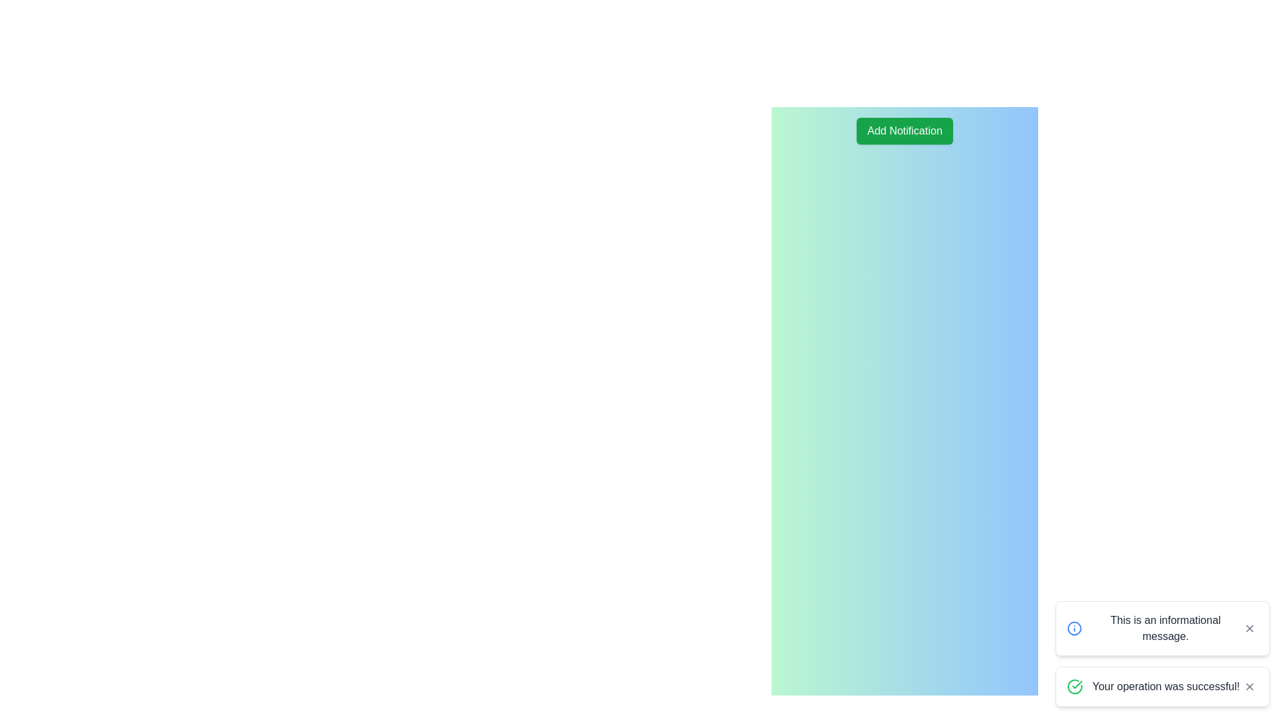  I want to click on the green 'Add Notification' button with white bold text, so click(904, 131).